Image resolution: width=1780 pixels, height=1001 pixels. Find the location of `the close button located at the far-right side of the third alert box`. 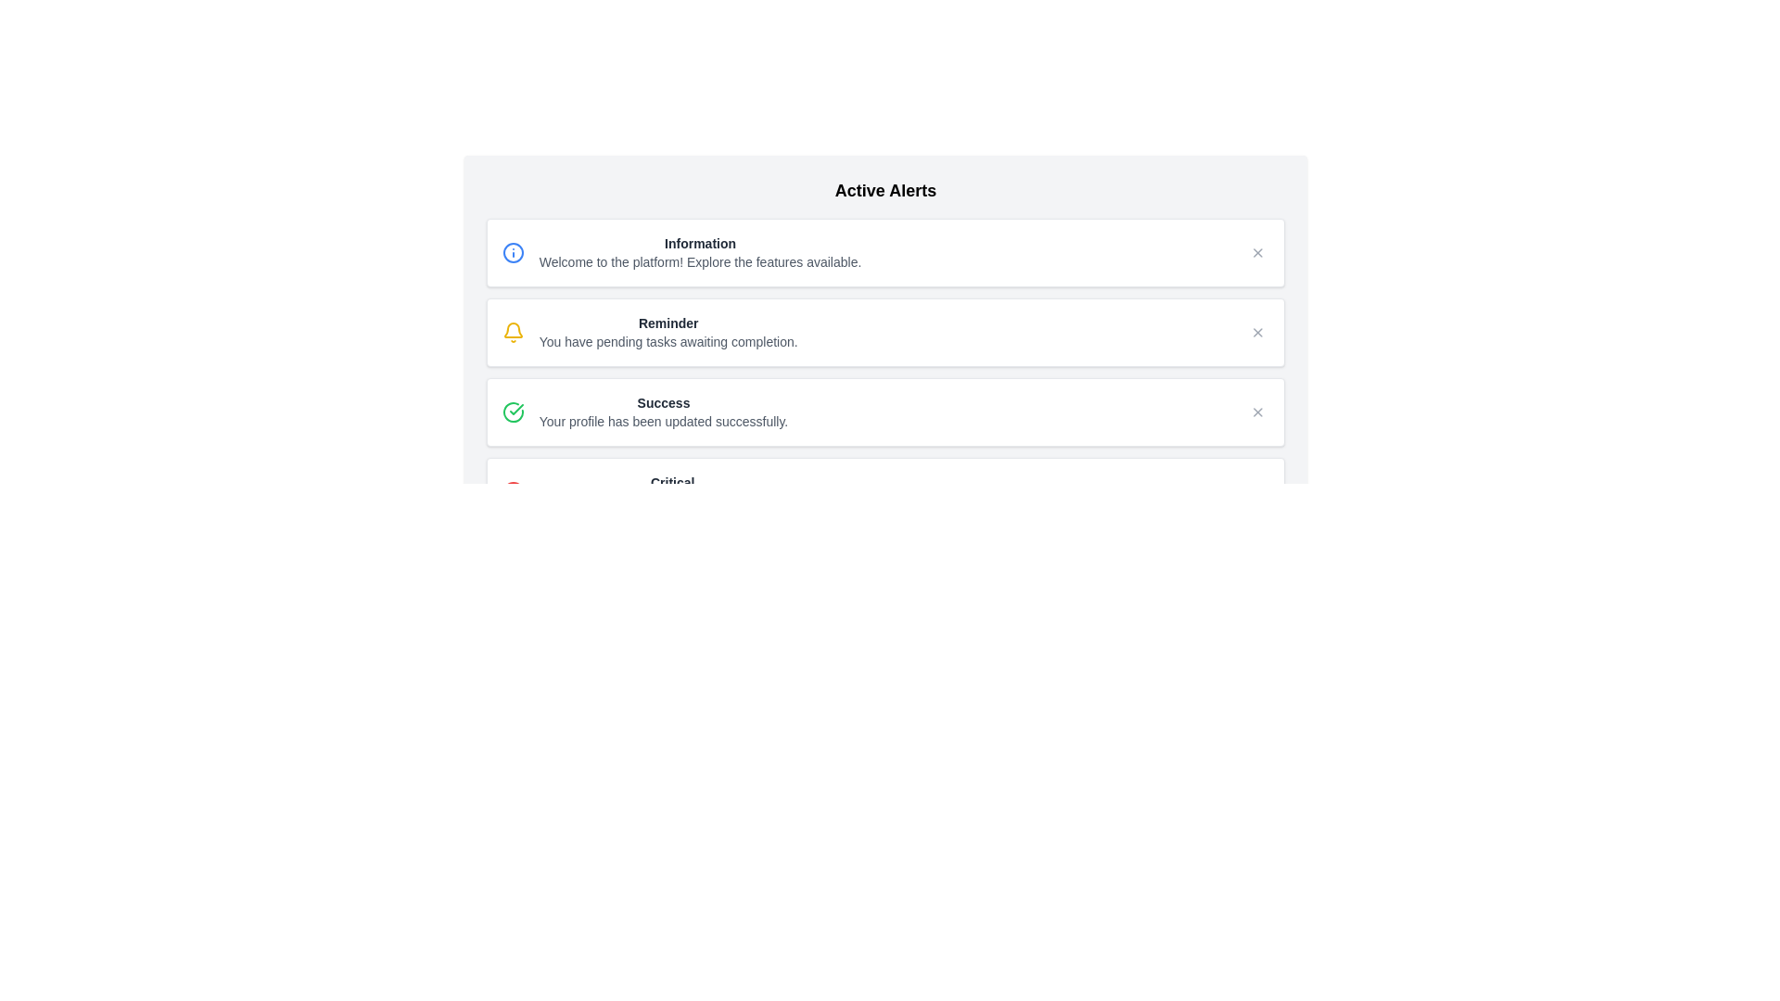

the close button located at the far-right side of the third alert box is located at coordinates (1258, 411).